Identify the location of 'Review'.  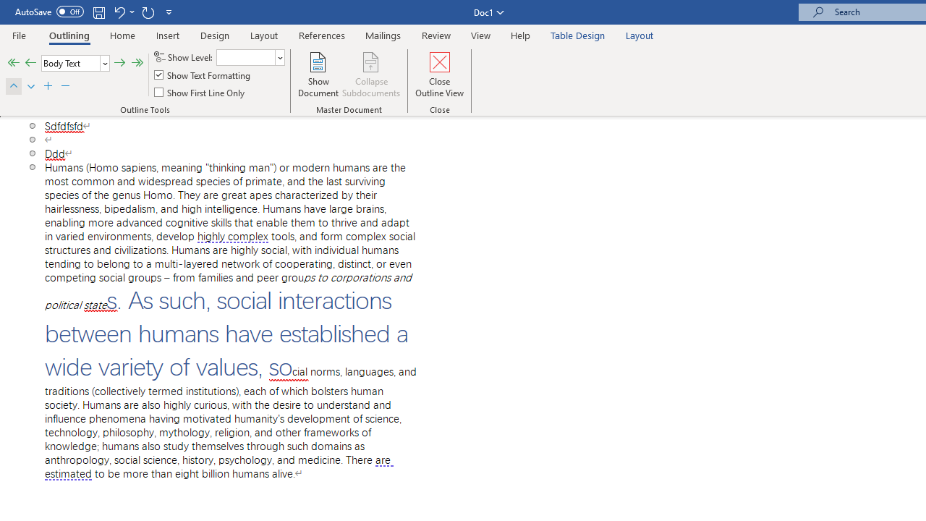
(436, 35).